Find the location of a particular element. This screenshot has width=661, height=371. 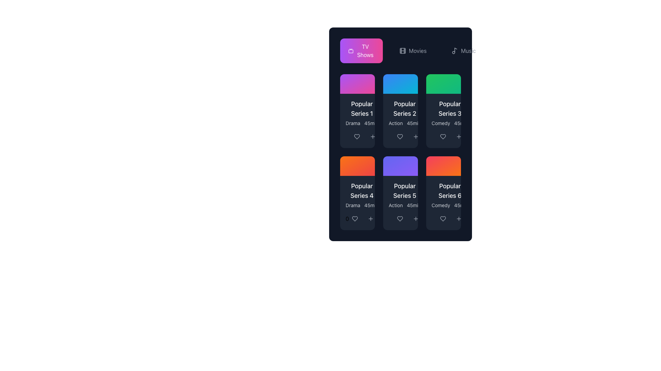

the small circular '+' icon located at the bottom-right corner of the 'Popular Series 2' card is located at coordinates (416, 136).